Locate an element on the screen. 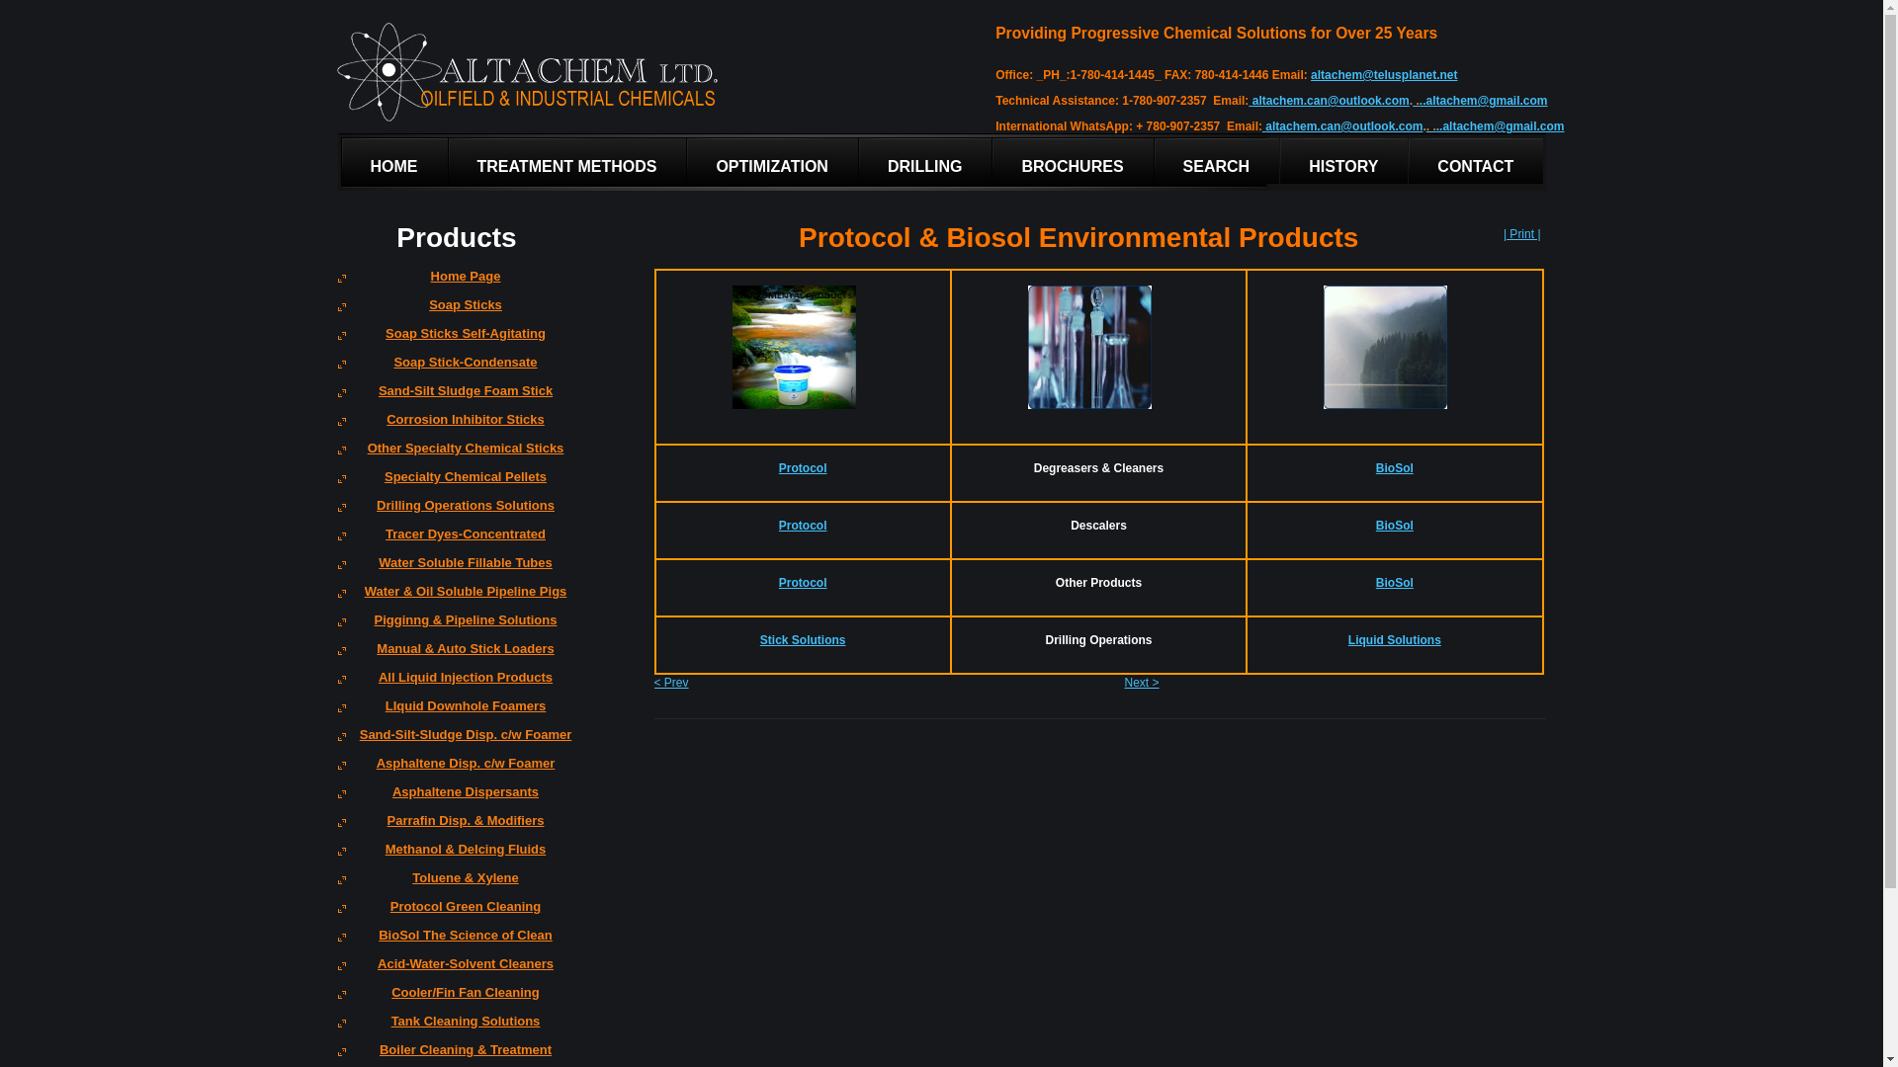  '| Print |' is located at coordinates (1521, 232).